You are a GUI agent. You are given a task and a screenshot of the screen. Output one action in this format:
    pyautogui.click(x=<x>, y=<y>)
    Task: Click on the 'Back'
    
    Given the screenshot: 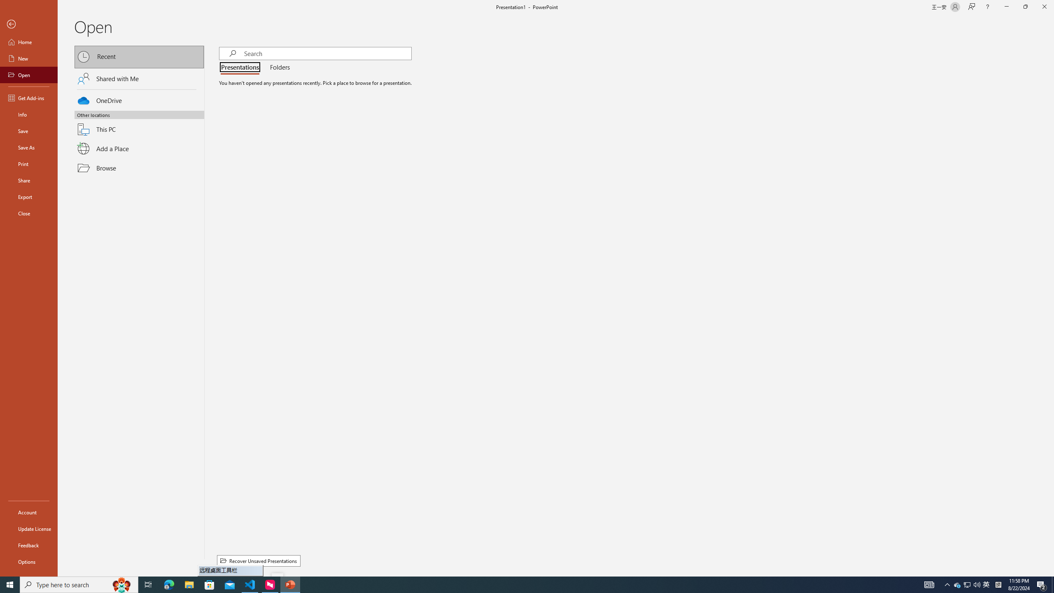 What is the action you would take?
    pyautogui.click(x=28, y=24)
    